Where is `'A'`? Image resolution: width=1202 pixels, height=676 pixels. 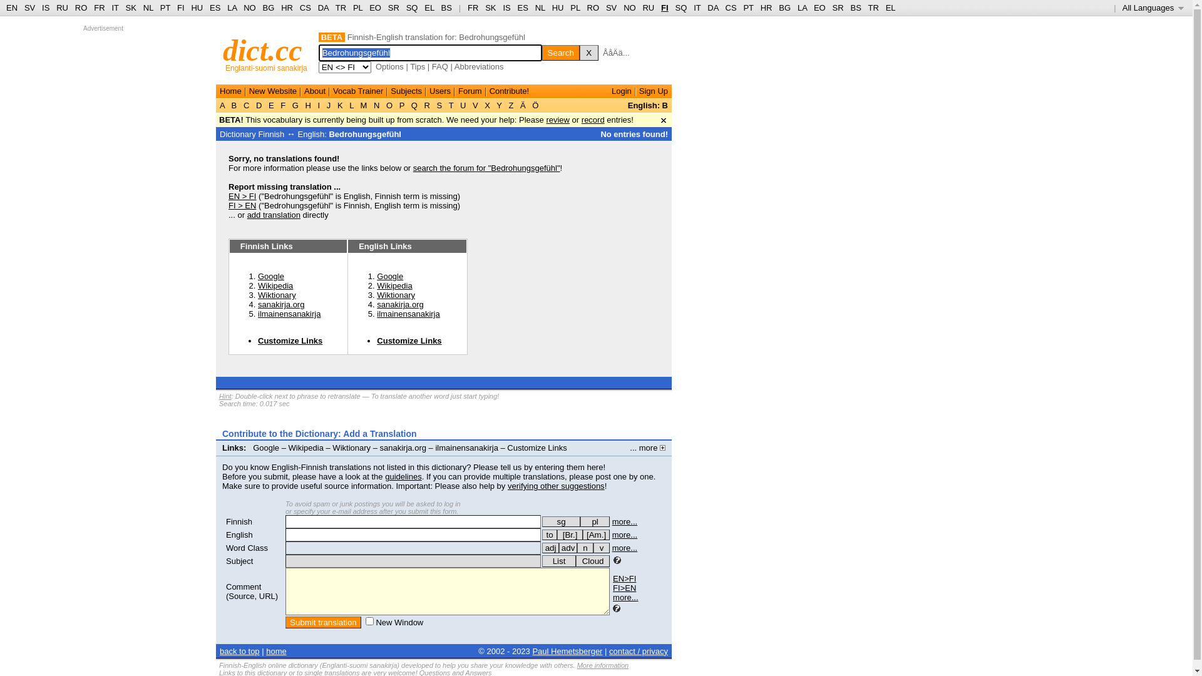
'A' is located at coordinates (219, 105).